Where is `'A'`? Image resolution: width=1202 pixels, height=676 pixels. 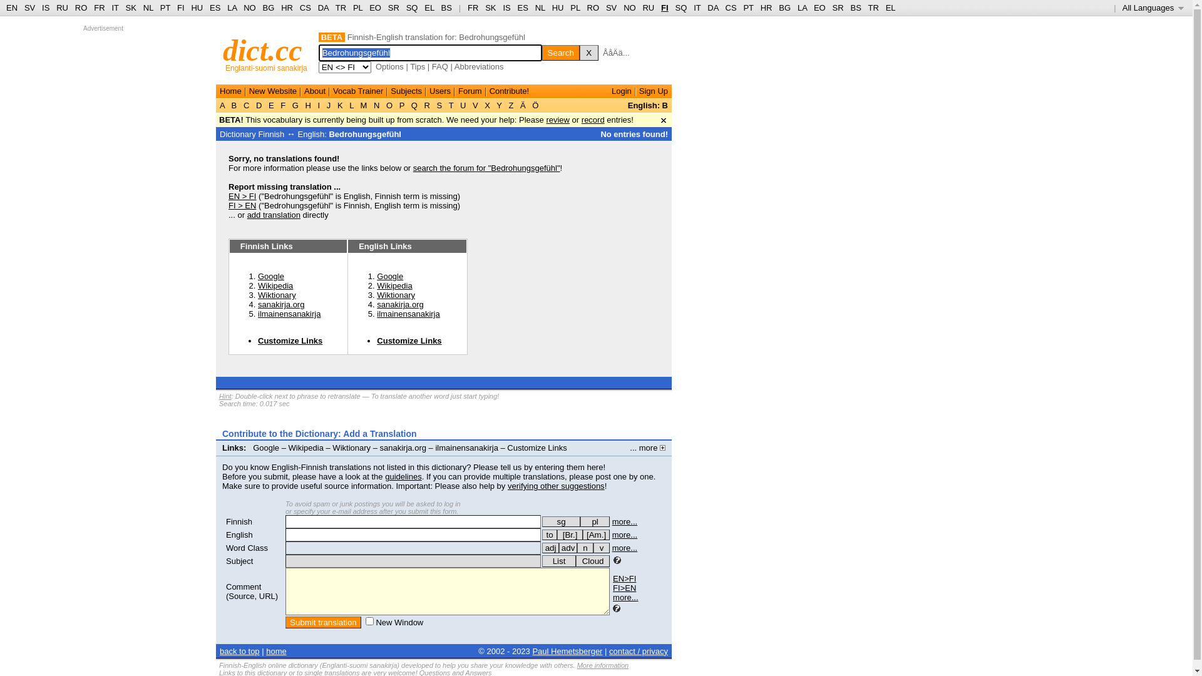
'A' is located at coordinates (219, 105).